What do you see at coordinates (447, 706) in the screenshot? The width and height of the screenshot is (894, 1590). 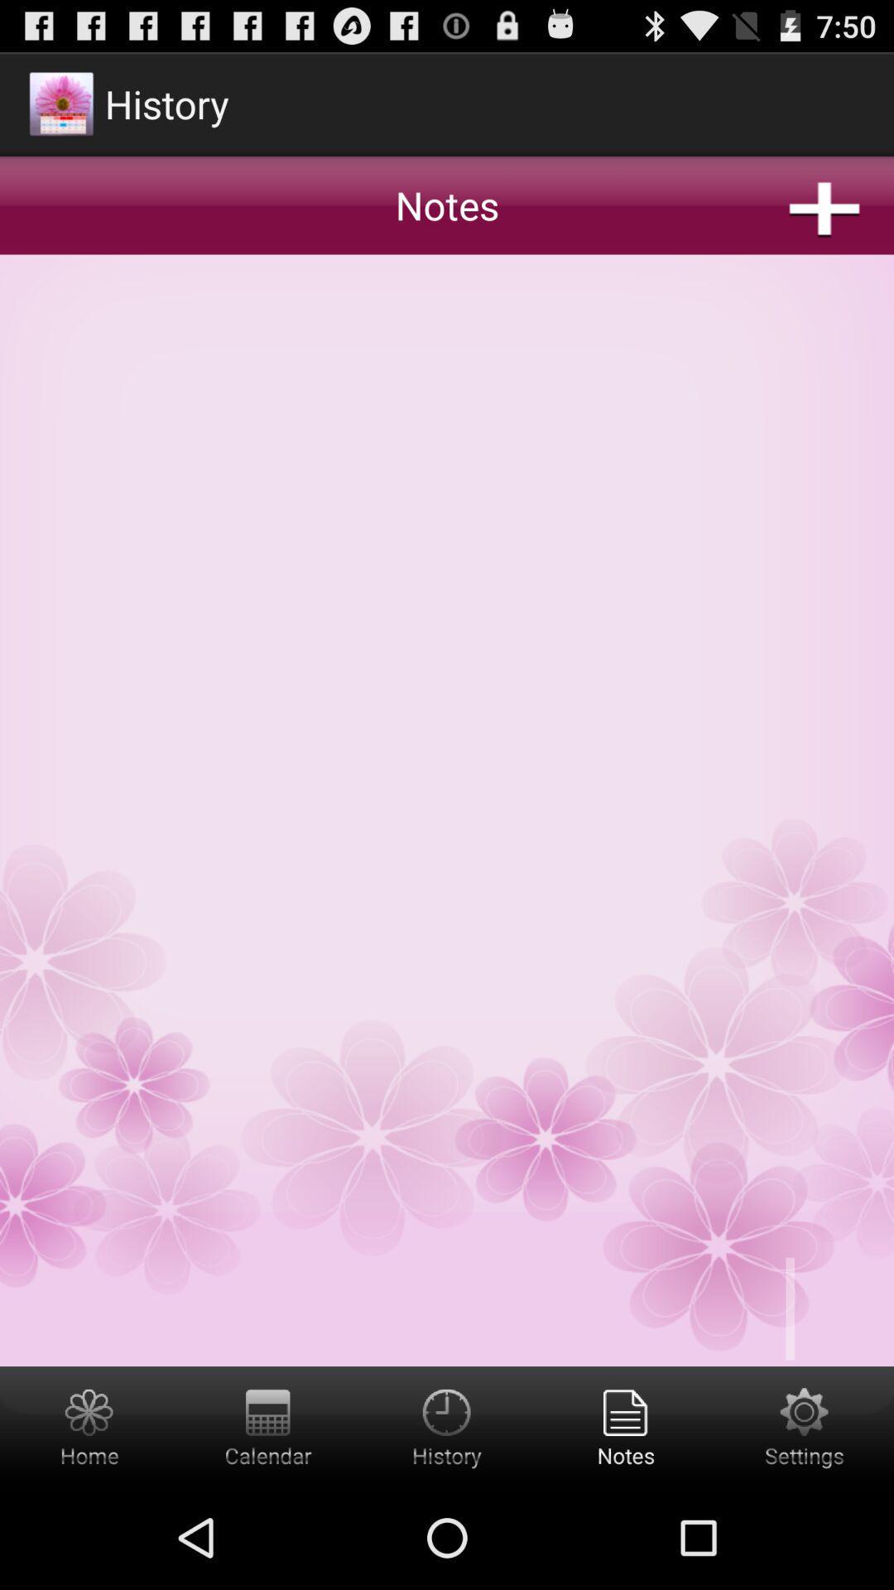 I see `note` at bounding box center [447, 706].